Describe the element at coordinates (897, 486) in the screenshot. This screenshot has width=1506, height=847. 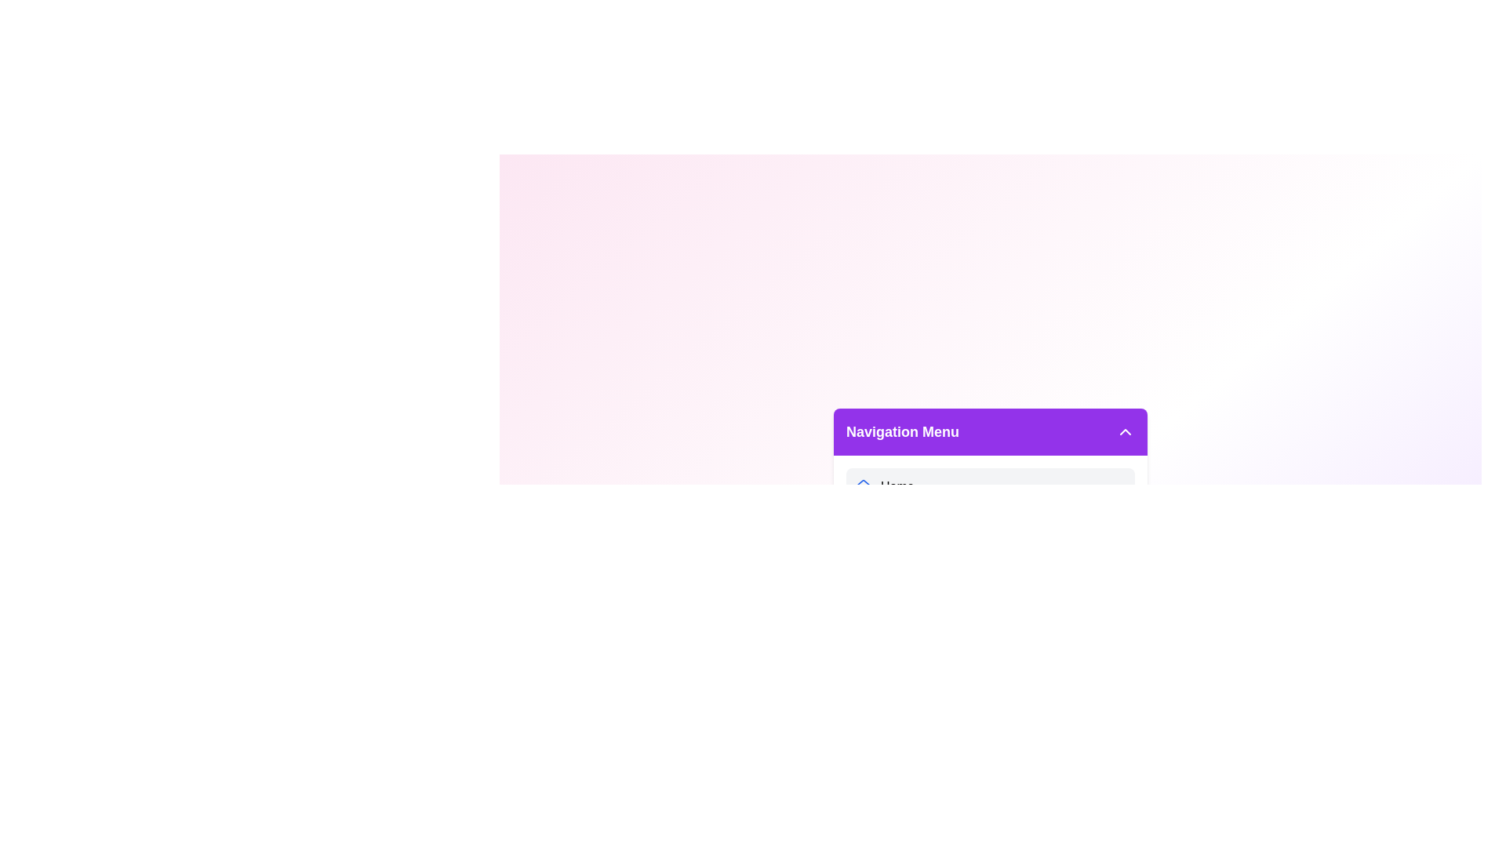
I see `the 'Home' text label, which is a medium-sized, clear, and readable label located to the right of an icon within the navigation options` at that location.